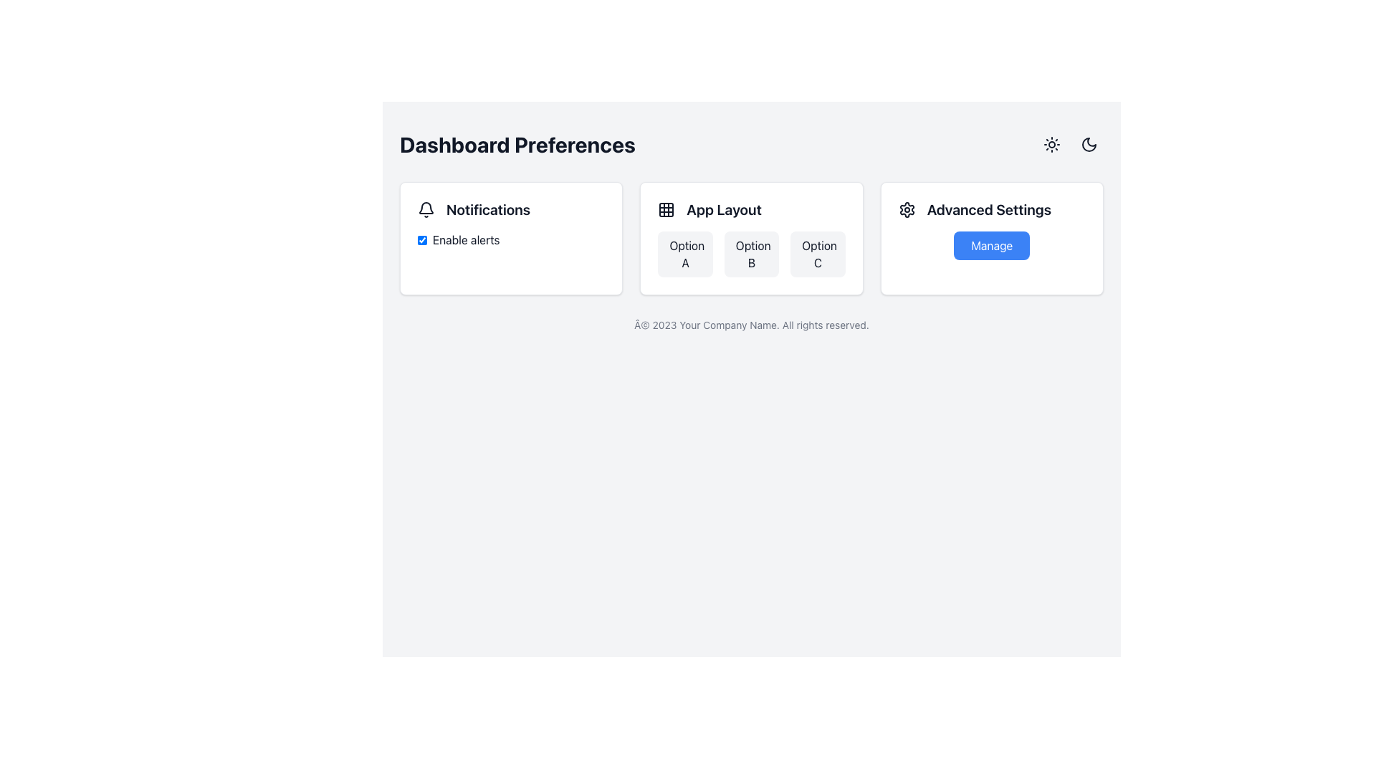  I want to click on the sun icon button in the top-right corner of the interface, so click(1052, 144).